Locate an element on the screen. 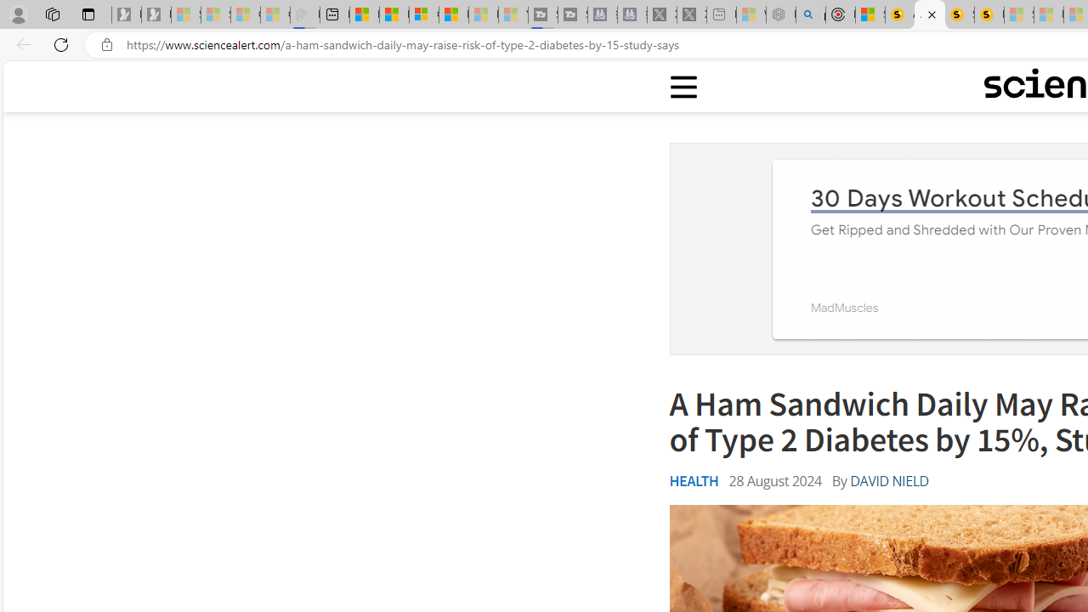 This screenshot has width=1088, height=612. 'Microsoft Start - Sleeping' is located at coordinates (482, 14).